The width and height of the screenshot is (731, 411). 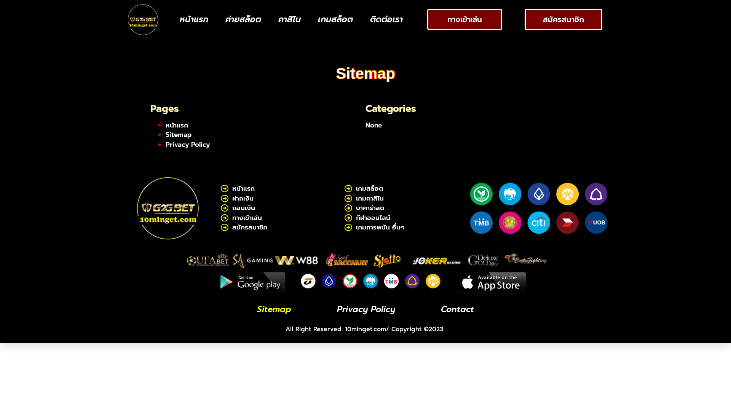 What do you see at coordinates (457, 309) in the screenshot?
I see `'Contact'` at bounding box center [457, 309].